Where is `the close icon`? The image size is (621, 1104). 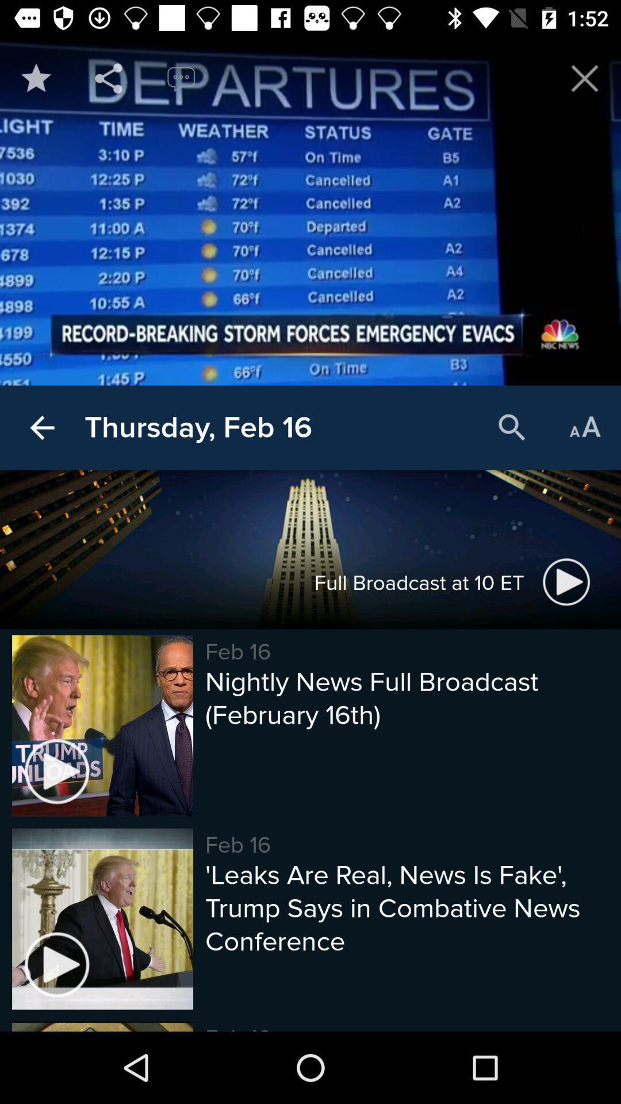
the close icon is located at coordinates (585, 78).